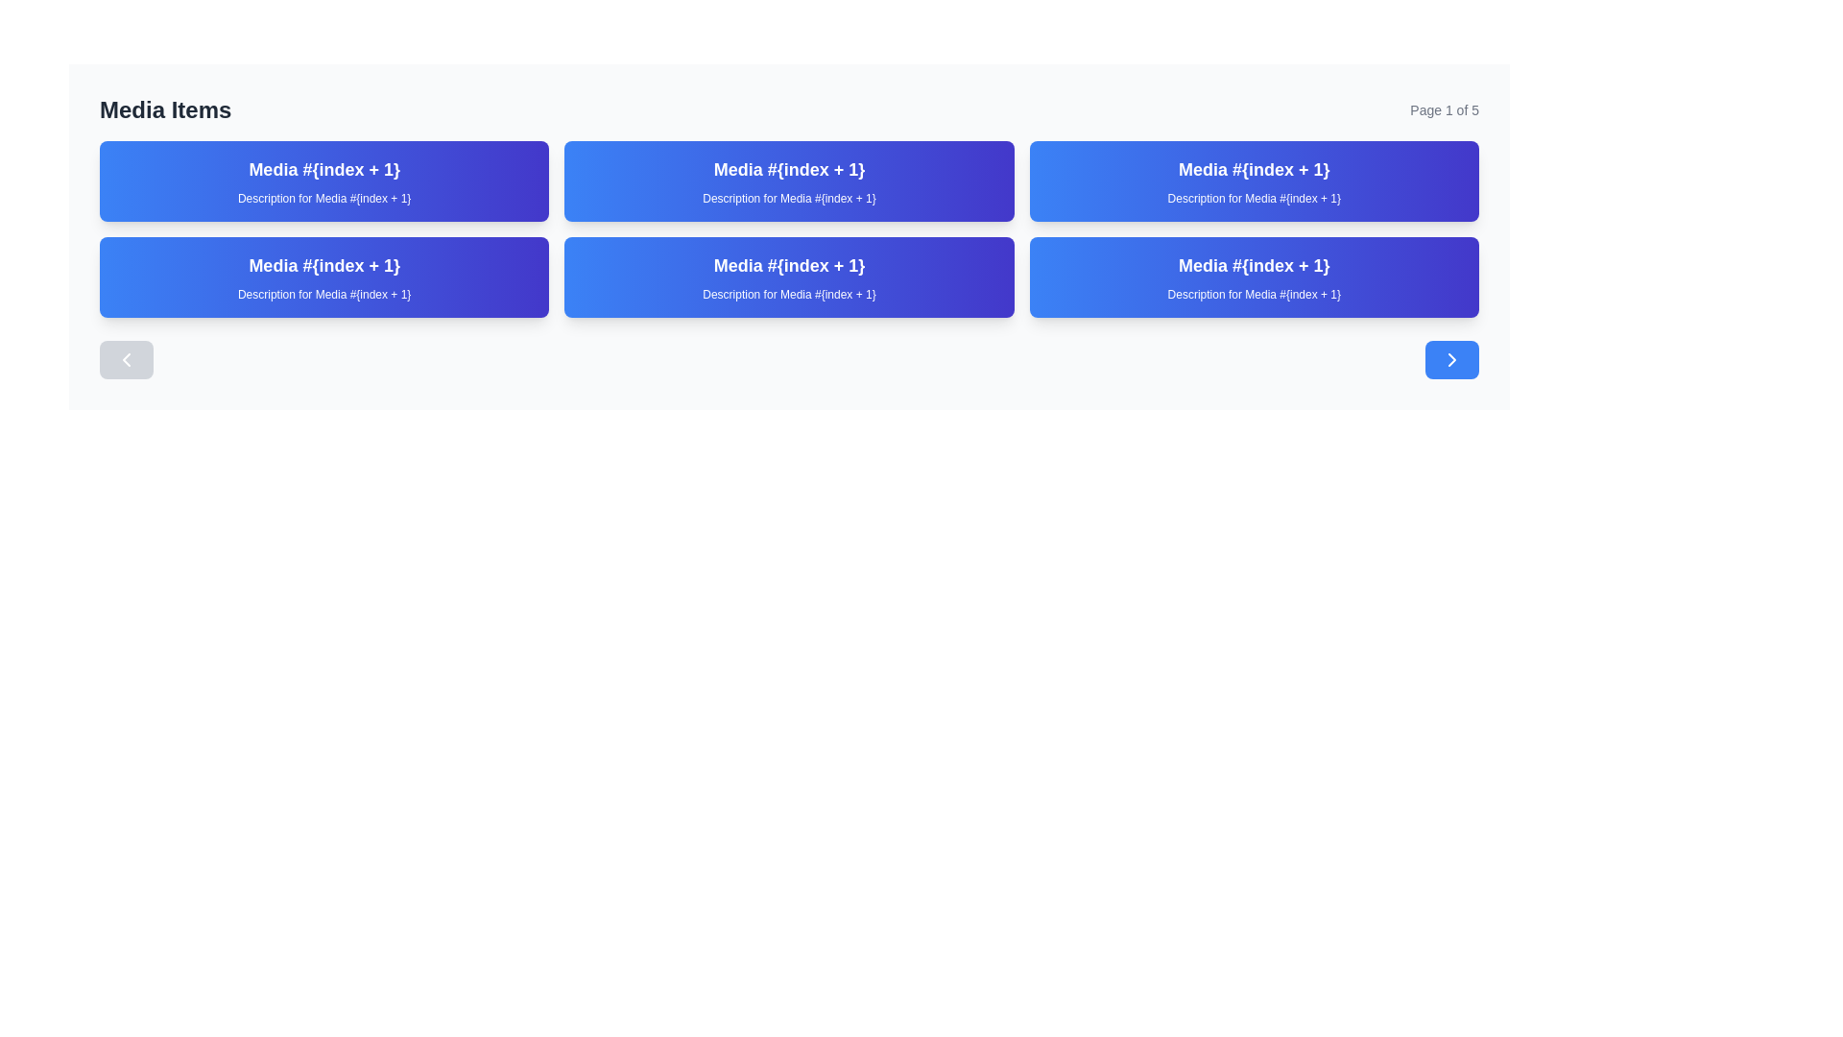  I want to click on the informational text label located at the lower portion of the blue gradient card, which is the third card in the second row of the grid layout, so click(789, 295).